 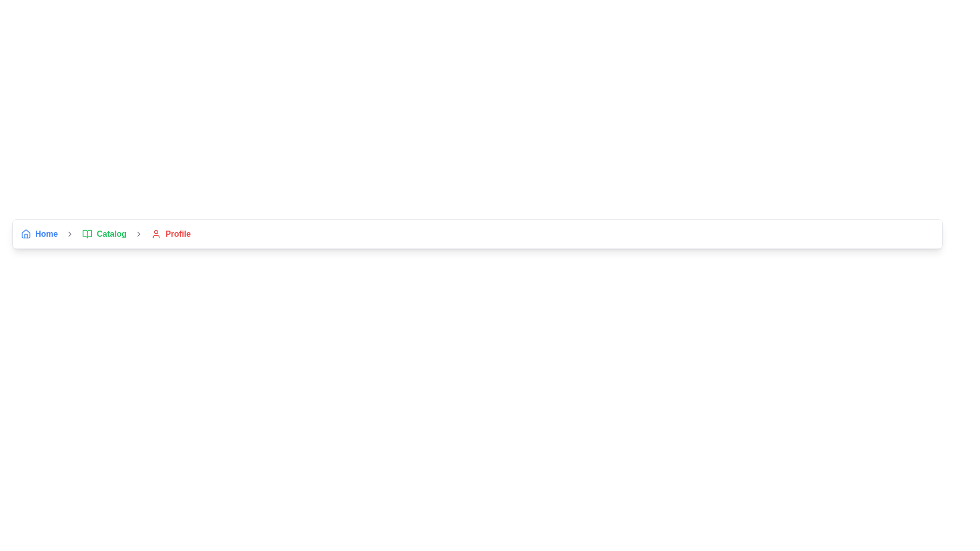 What do you see at coordinates (104, 234) in the screenshot?
I see `the 'Catalog' hyperlink with a green book icon` at bounding box center [104, 234].